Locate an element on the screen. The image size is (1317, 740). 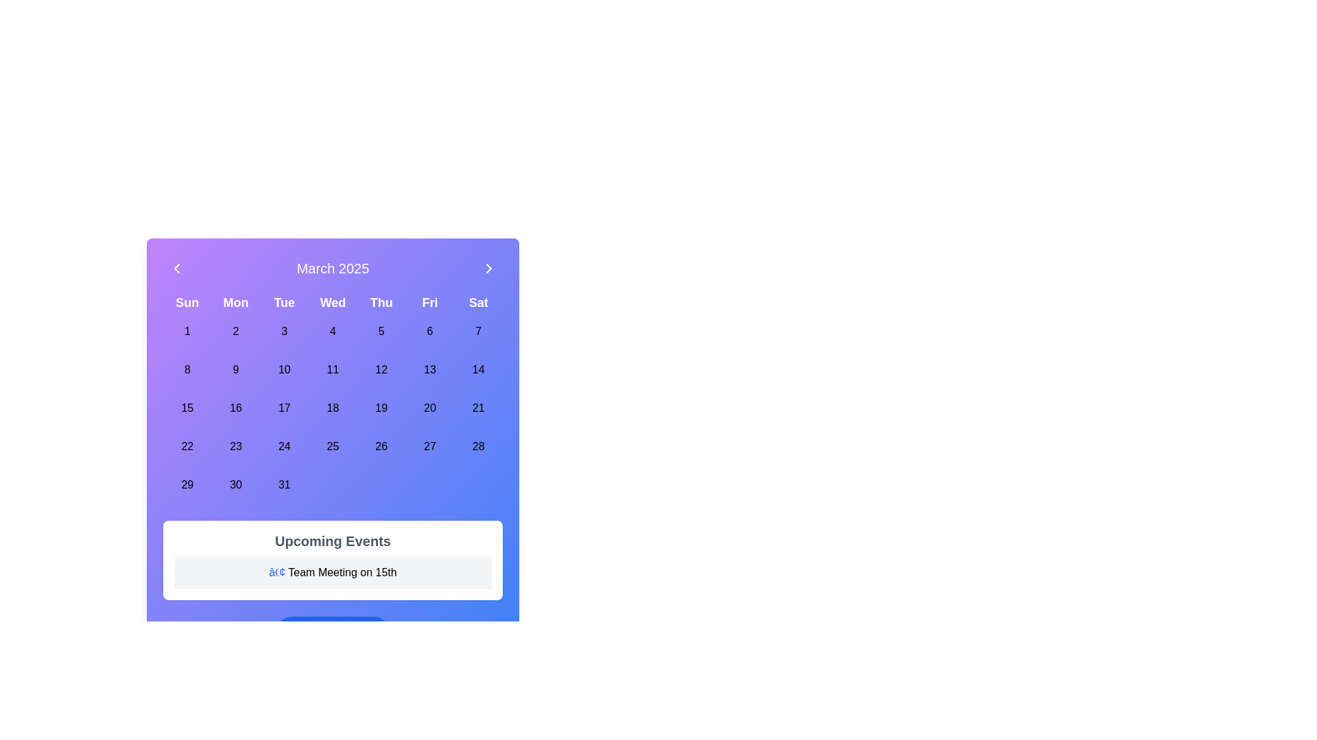
the circular calendar cell containing the number '9' in the second row and second column under the 'Mon' header is located at coordinates (236, 370).